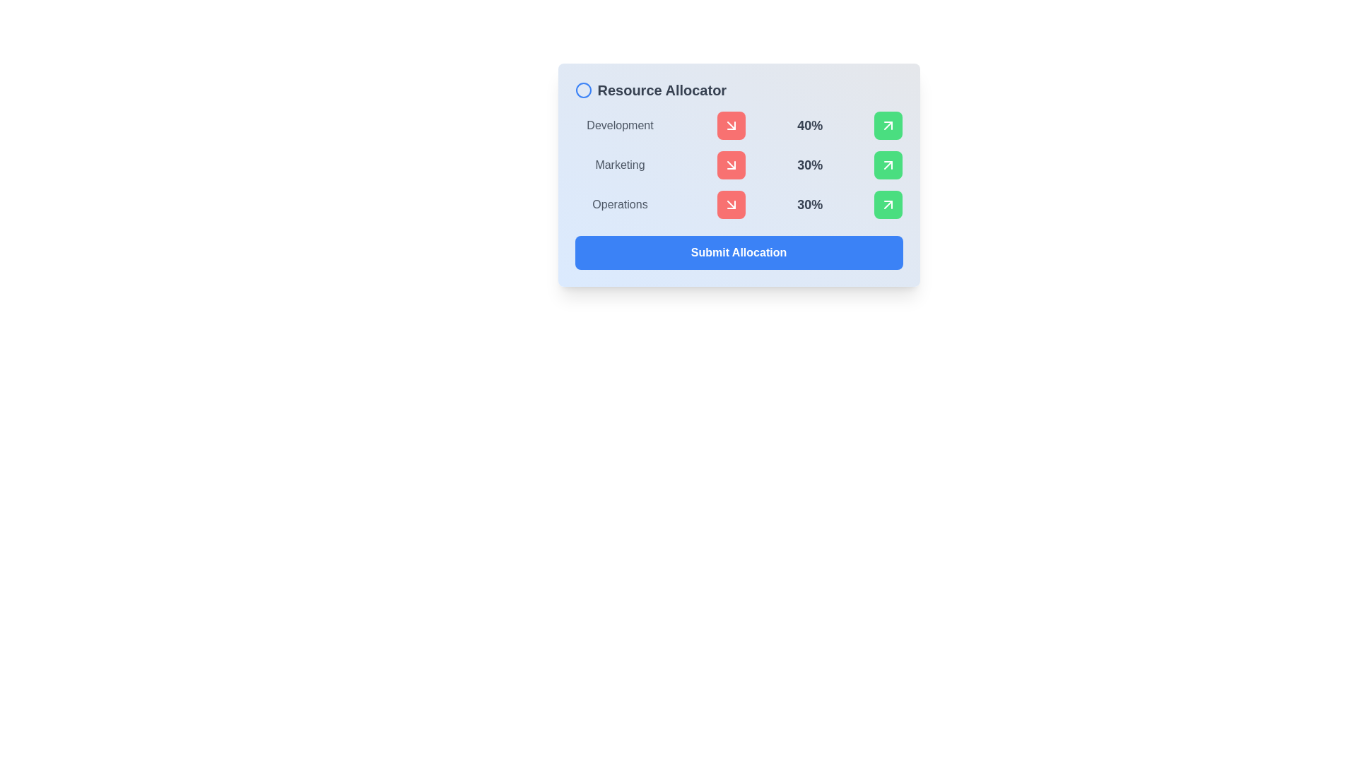 This screenshot has height=763, width=1357. I want to click on the SVG icon for decreasing resource allocation located in the 'Operations' row of the Resource Allocator panel, adjacent to the '30%' value, so click(731, 204).